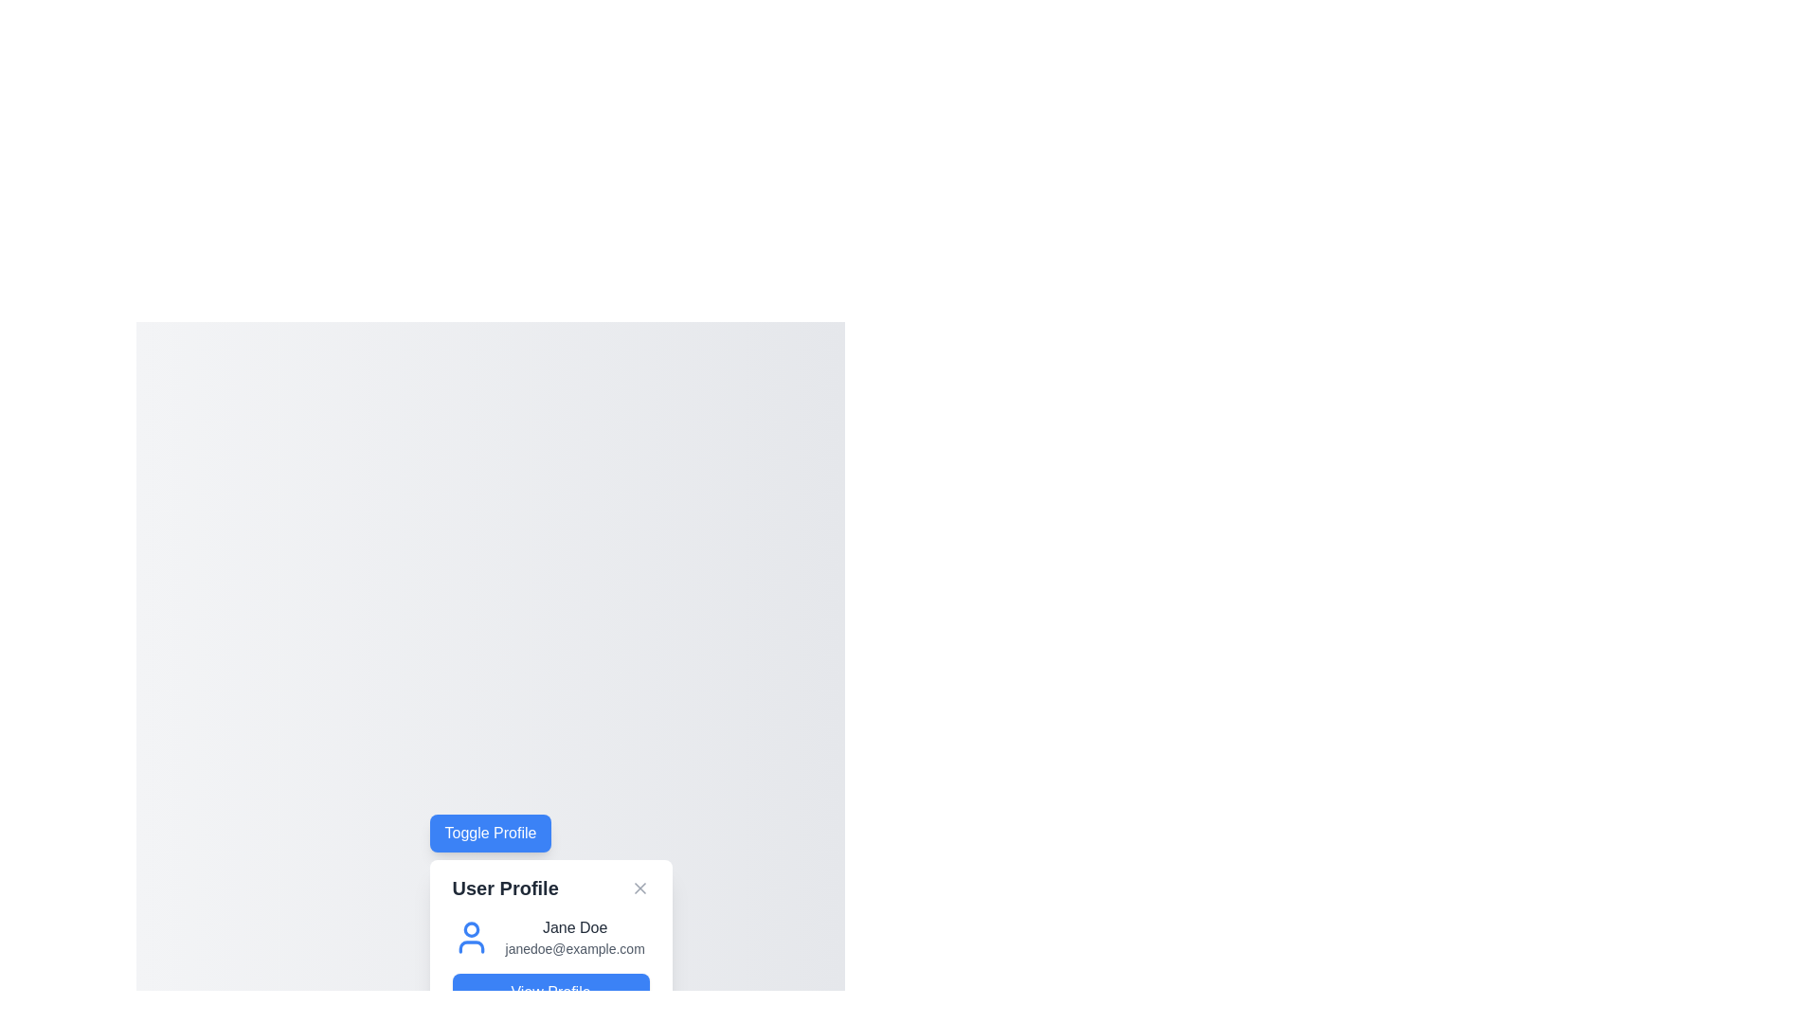 This screenshot has height=1023, width=1819. I want to click on the text display element showing the email address 'janedoe@example.com' in the user profile modal, so click(574, 949).